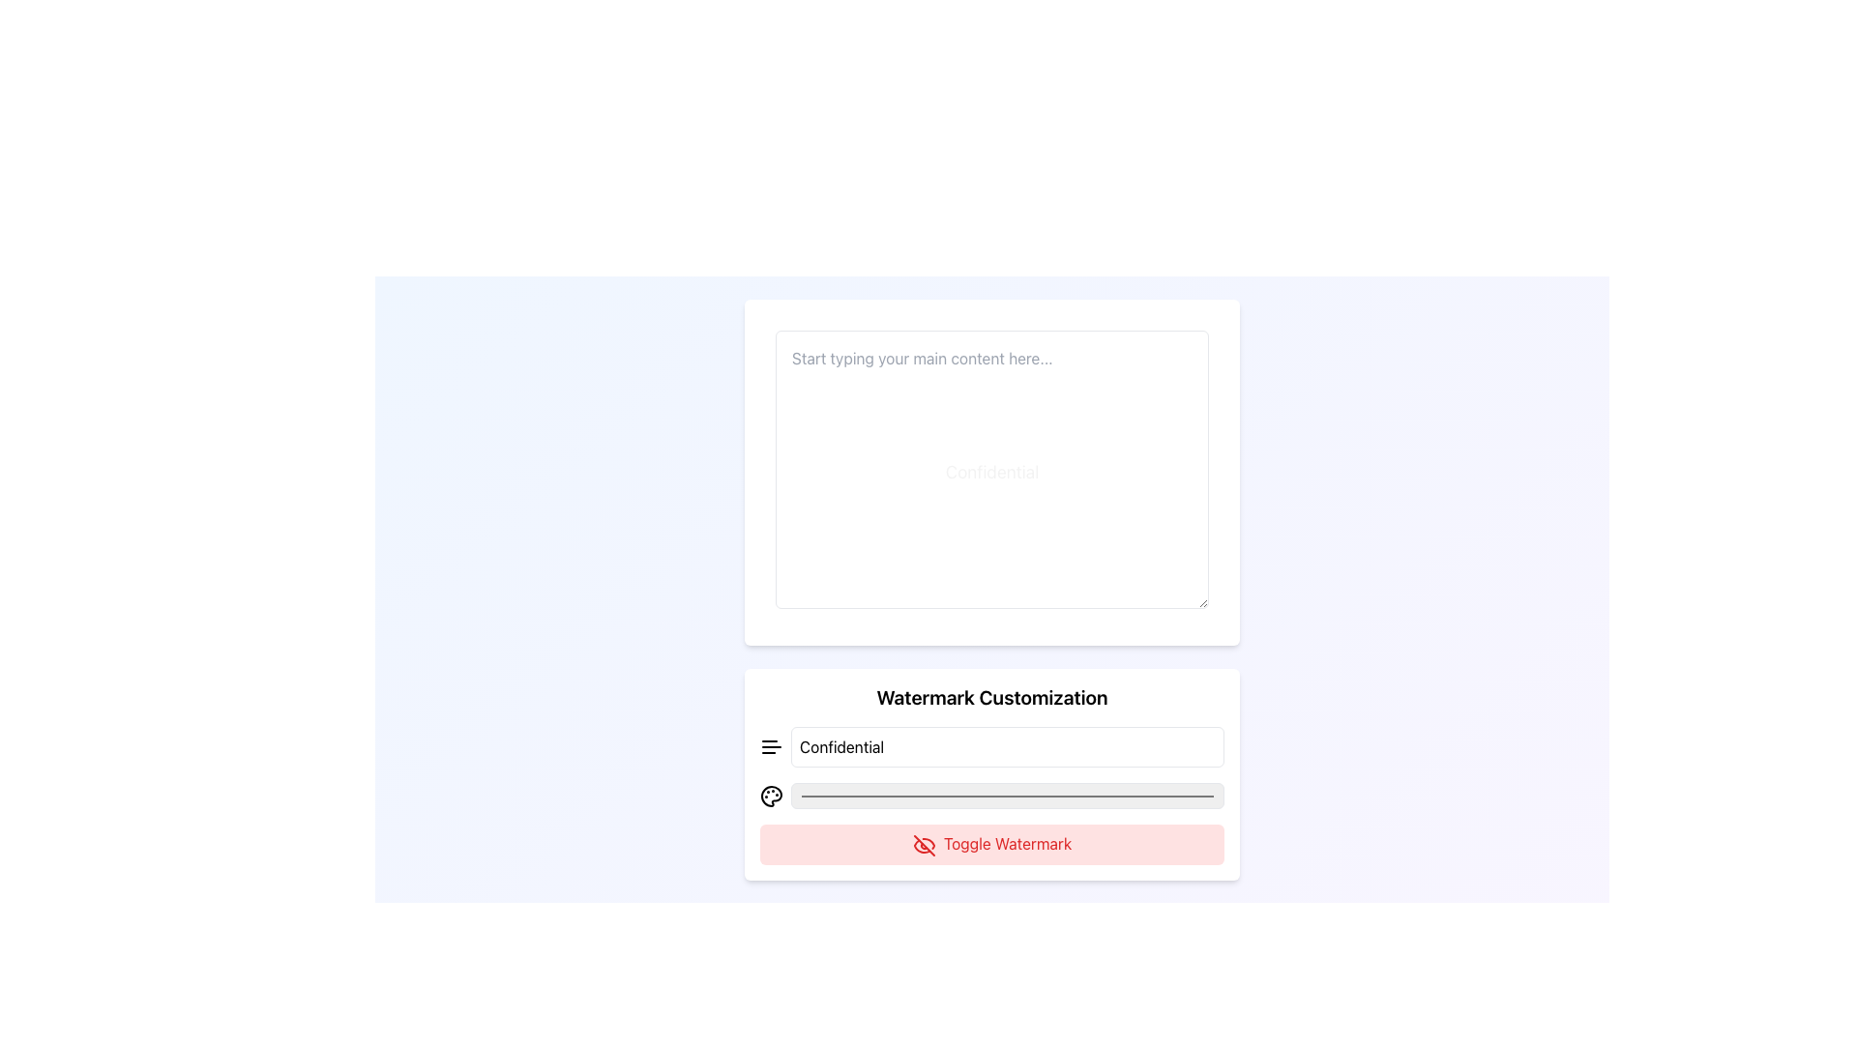 The width and height of the screenshot is (1857, 1044). Describe the element at coordinates (992, 842) in the screenshot. I see `the toggle button located at the bottom of the 'Watermark Customization' section` at that location.